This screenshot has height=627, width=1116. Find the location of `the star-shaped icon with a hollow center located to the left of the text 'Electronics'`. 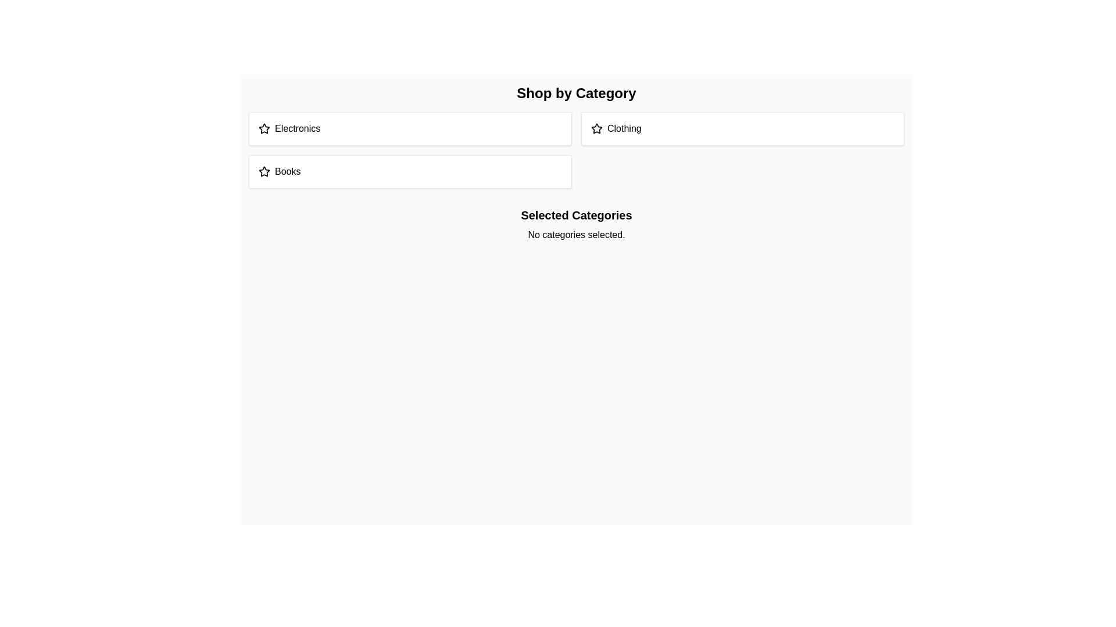

the star-shaped icon with a hollow center located to the left of the text 'Electronics' is located at coordinates (264, 128).